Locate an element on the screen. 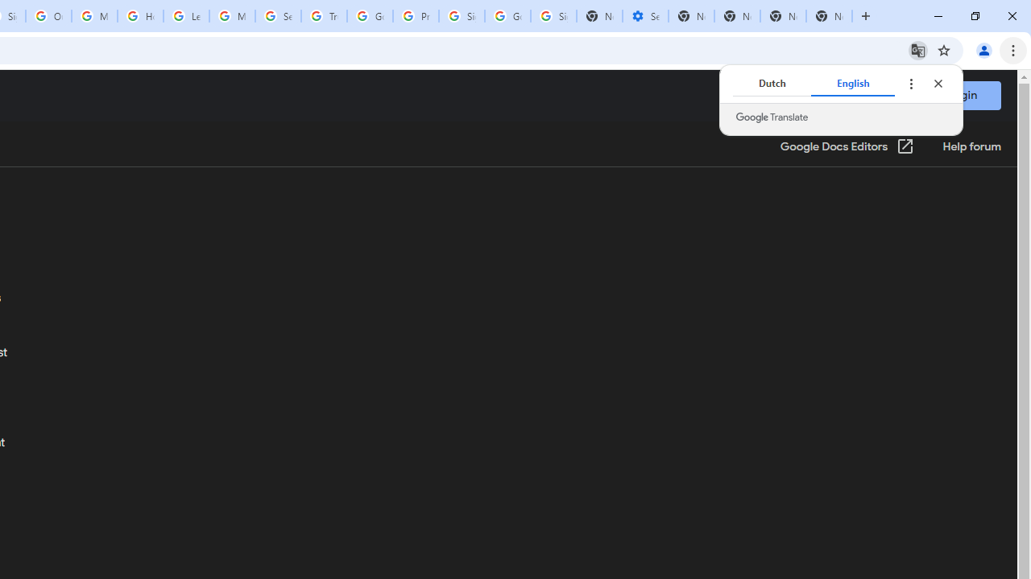 The image size is (1031, 579). 'Google Docs Editors (Opens in new window)' is located at coordinates (847, 147).